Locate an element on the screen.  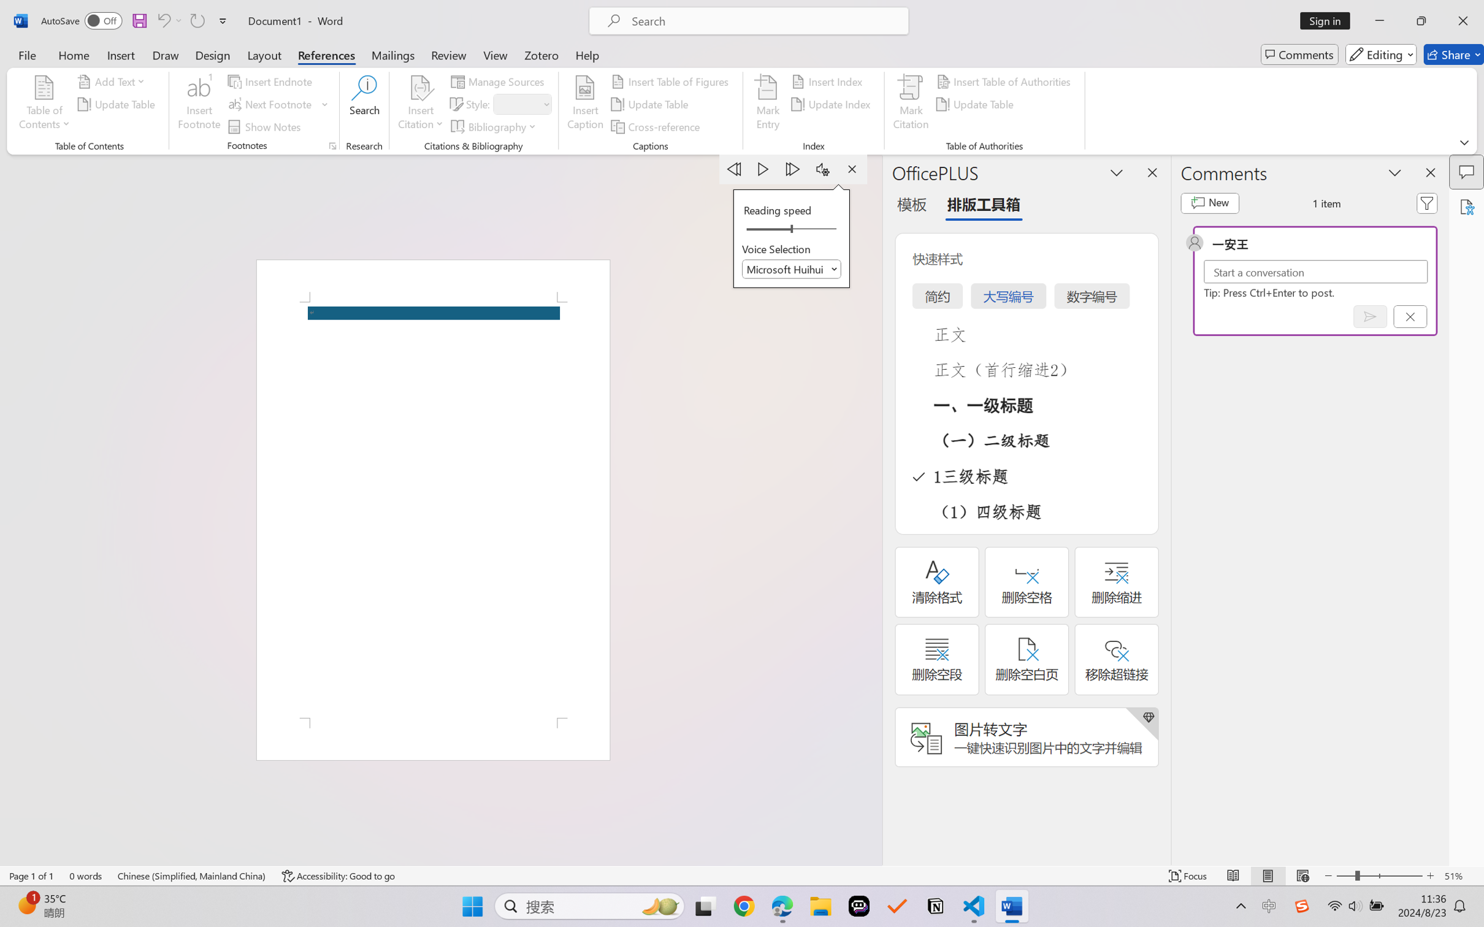
'Reading speed' is located at coordinates (790, 229).